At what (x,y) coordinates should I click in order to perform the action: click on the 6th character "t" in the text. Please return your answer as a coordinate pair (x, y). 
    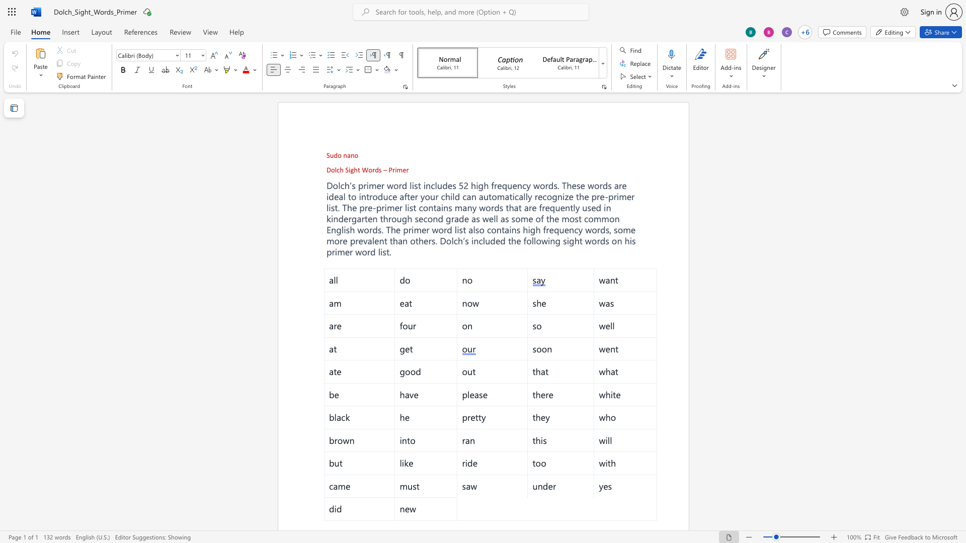
    Looking at the image, I should click on (387, 251).